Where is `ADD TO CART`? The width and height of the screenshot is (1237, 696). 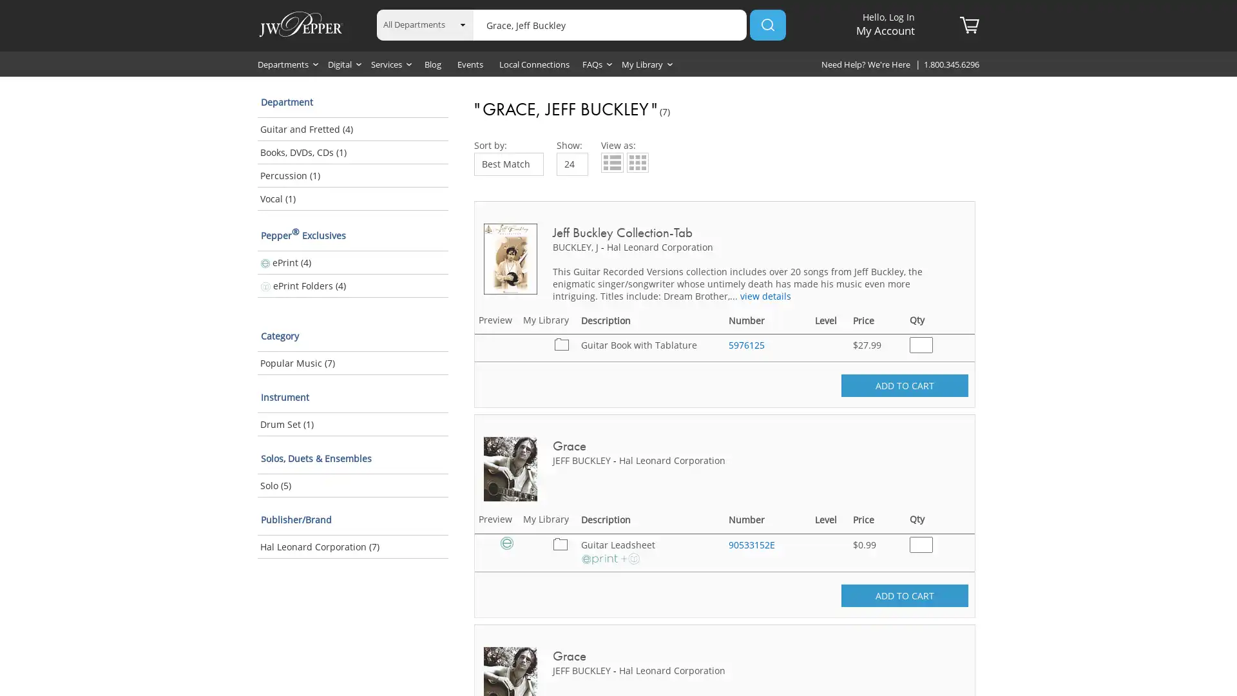 ADD TO CART is located at coordinates (904, 385).